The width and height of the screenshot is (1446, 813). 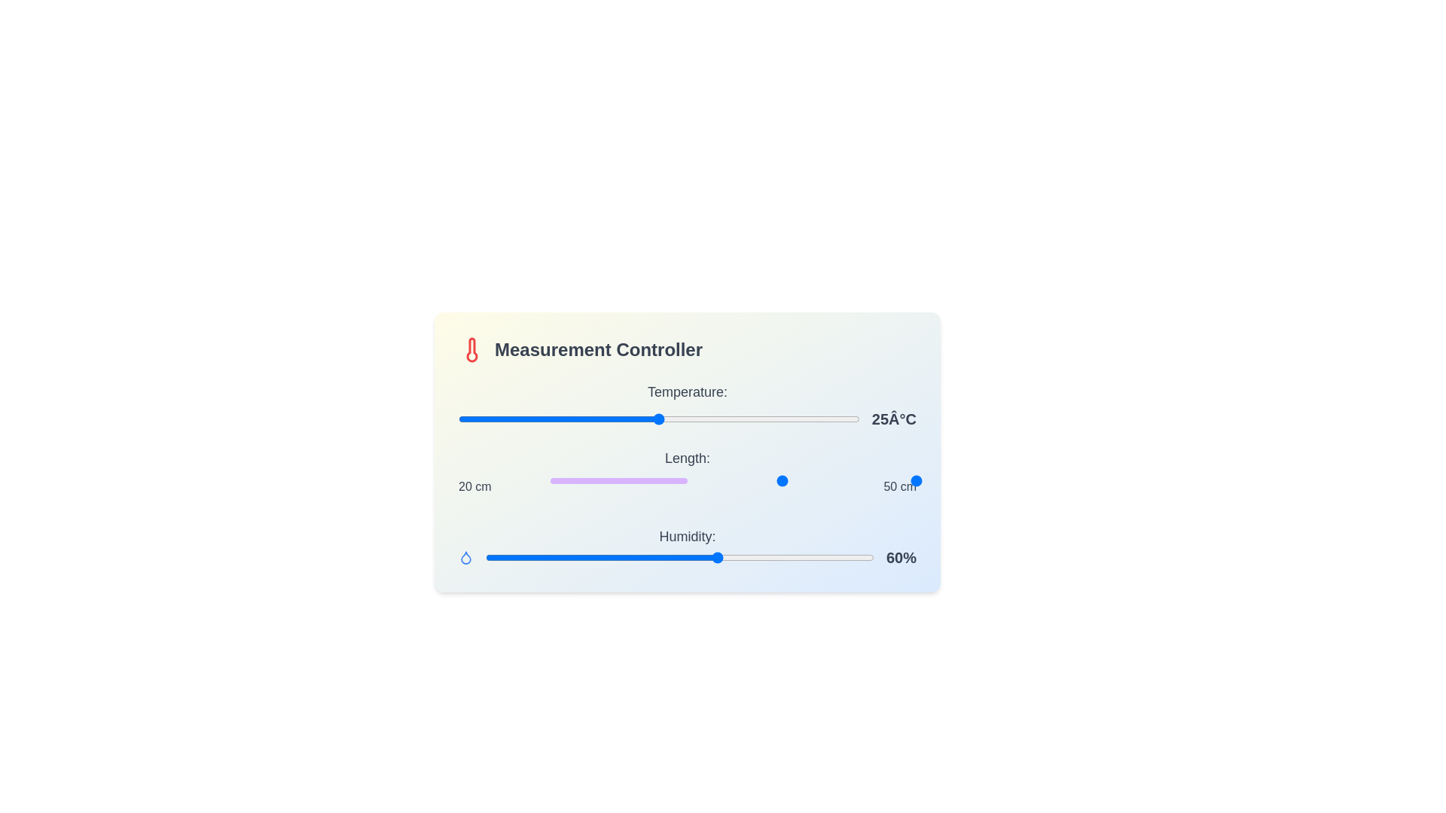 What do you see at coordinates (771, 419) in the screenshot?
I see `the temperature` at bounding box center [771, 419].